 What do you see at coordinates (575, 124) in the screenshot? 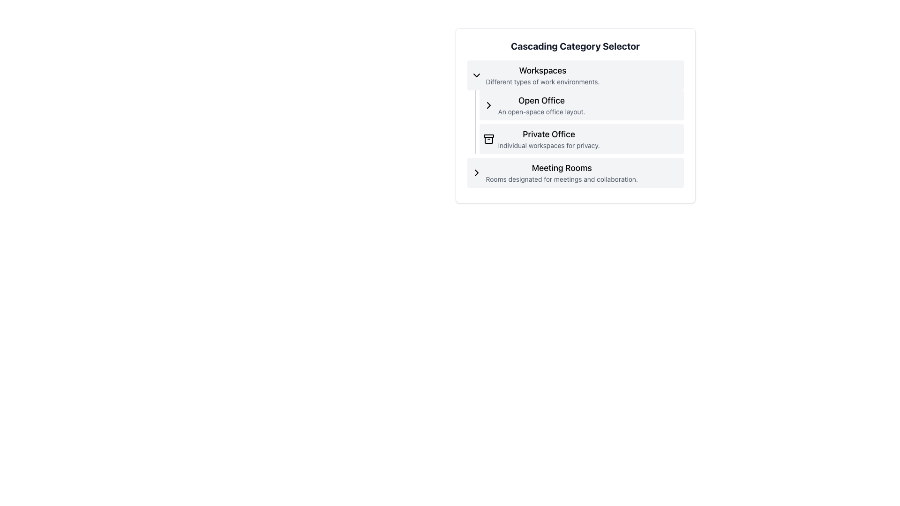
I see `the title of the 'Private Office' category option in the cascading category selector interface` at bounding box center [575, 124].